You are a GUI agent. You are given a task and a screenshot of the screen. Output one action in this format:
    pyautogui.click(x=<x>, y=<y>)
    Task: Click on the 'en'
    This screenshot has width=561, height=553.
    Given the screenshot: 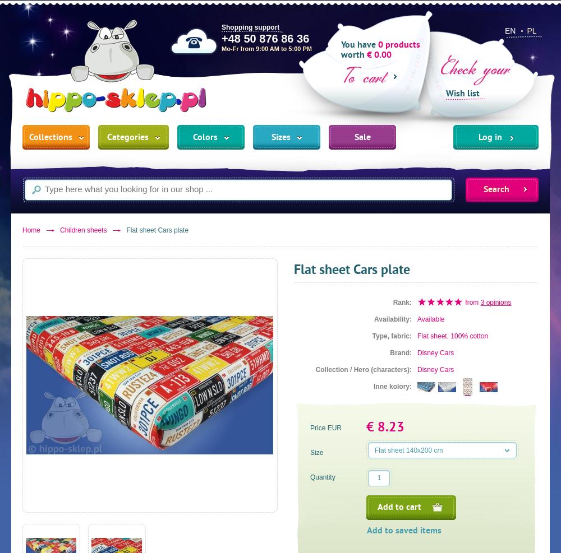 What is the action you would take?
    pyautogui.click(x=510, y=30)
    